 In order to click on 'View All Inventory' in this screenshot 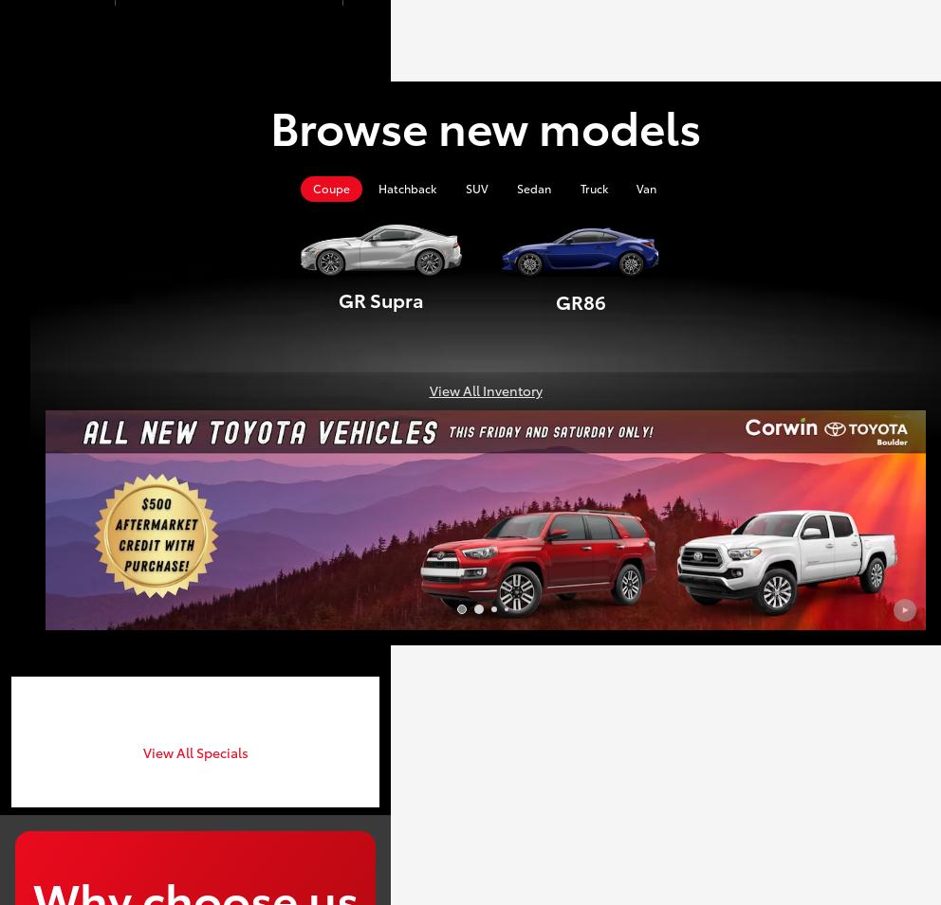, I will do `click(484, 389)`.